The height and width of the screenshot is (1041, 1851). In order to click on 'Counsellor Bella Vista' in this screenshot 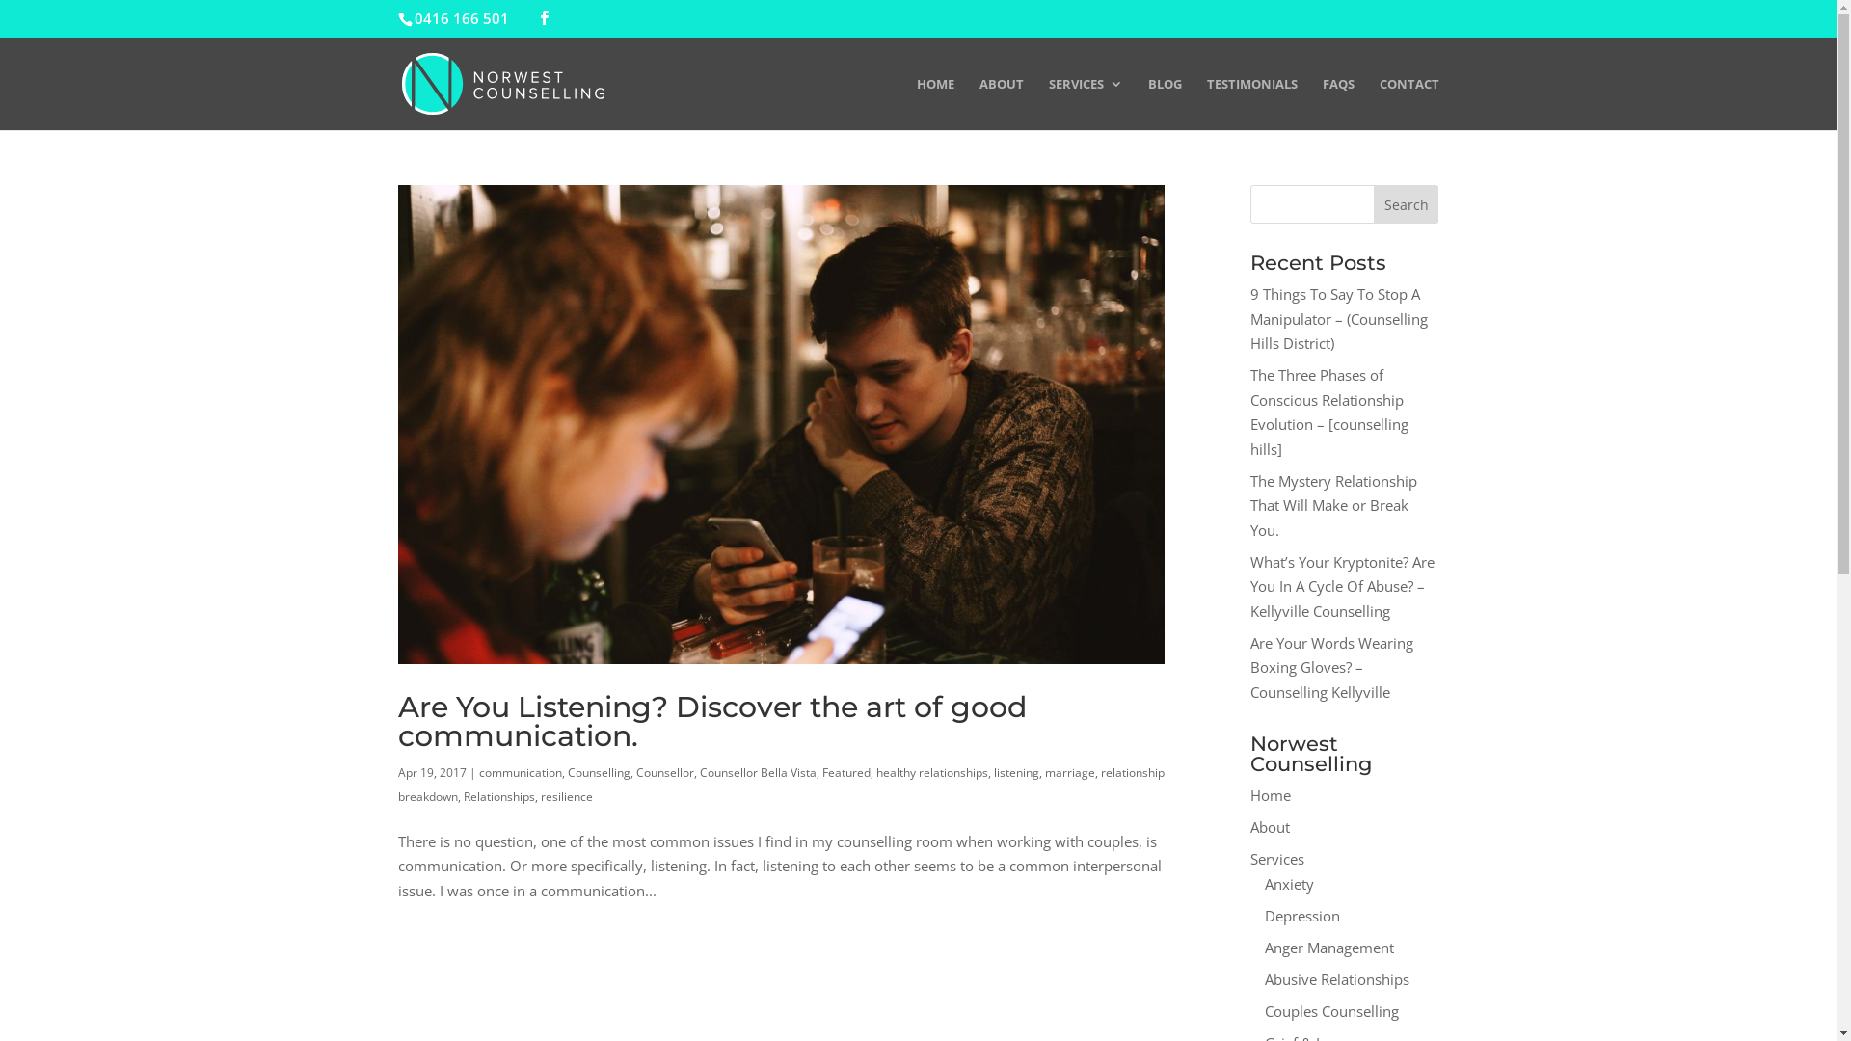, I will do `click(757, 771)`.